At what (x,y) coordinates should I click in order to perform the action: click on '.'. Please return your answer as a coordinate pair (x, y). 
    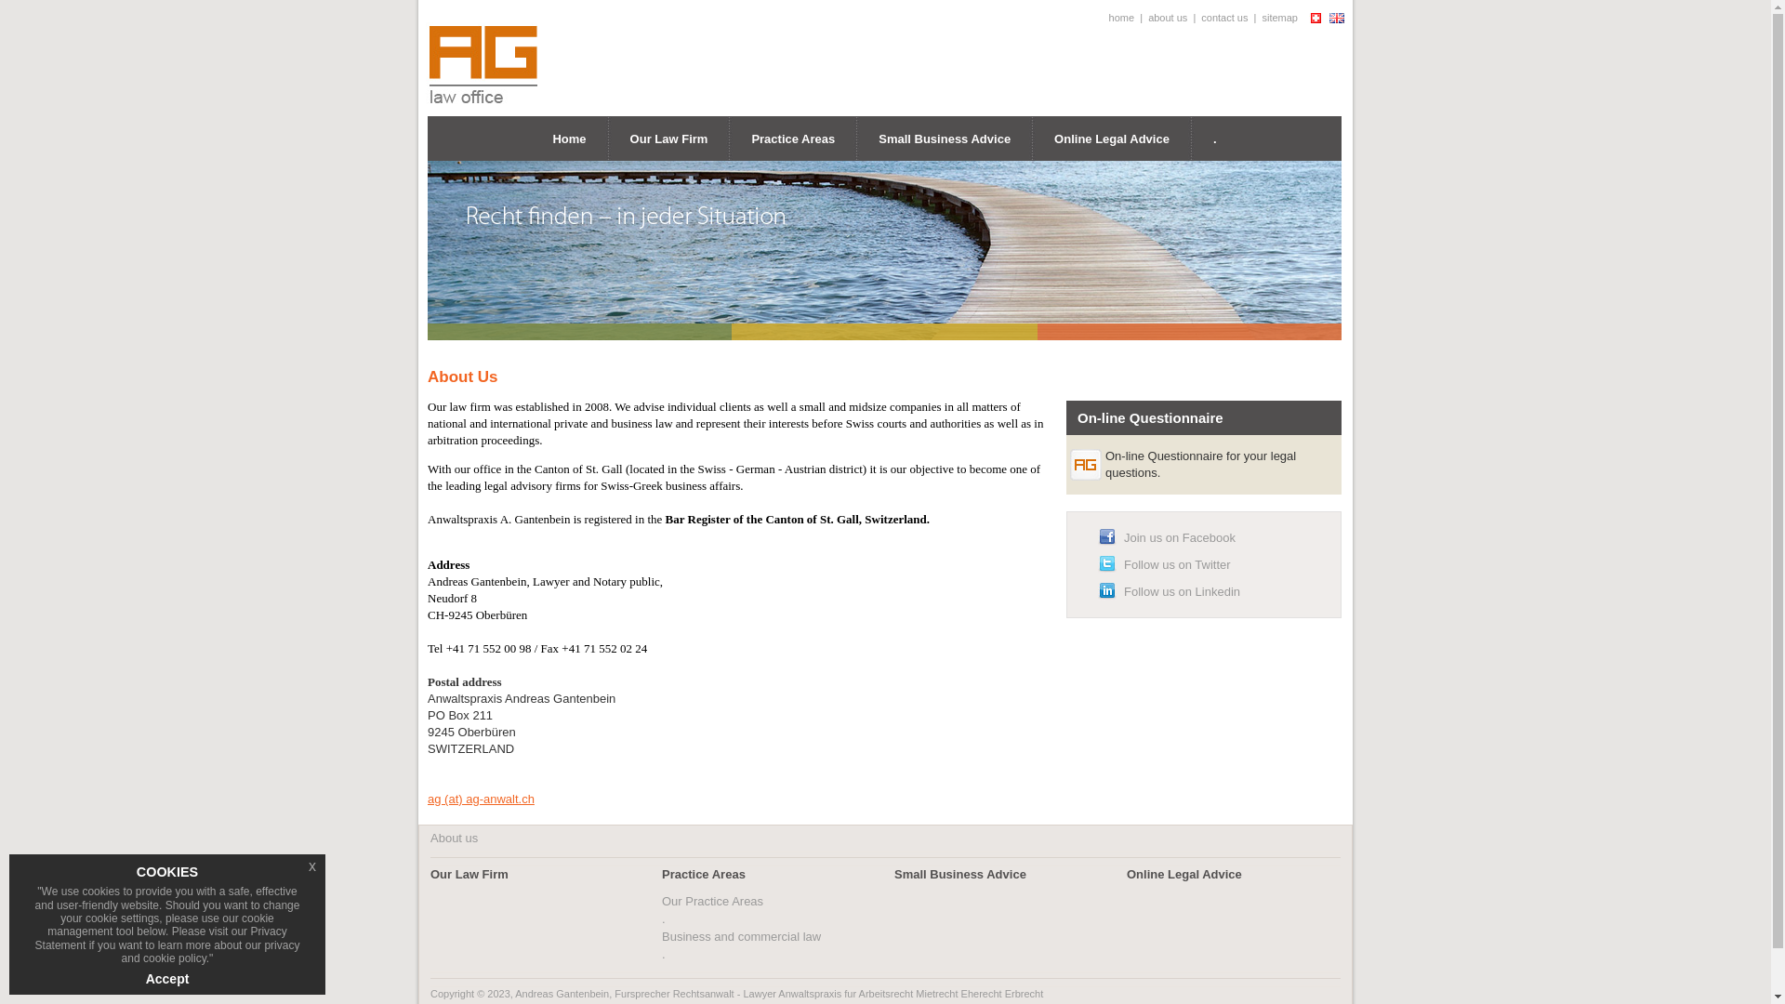
    Looking at the image, I should click on (661, 954).